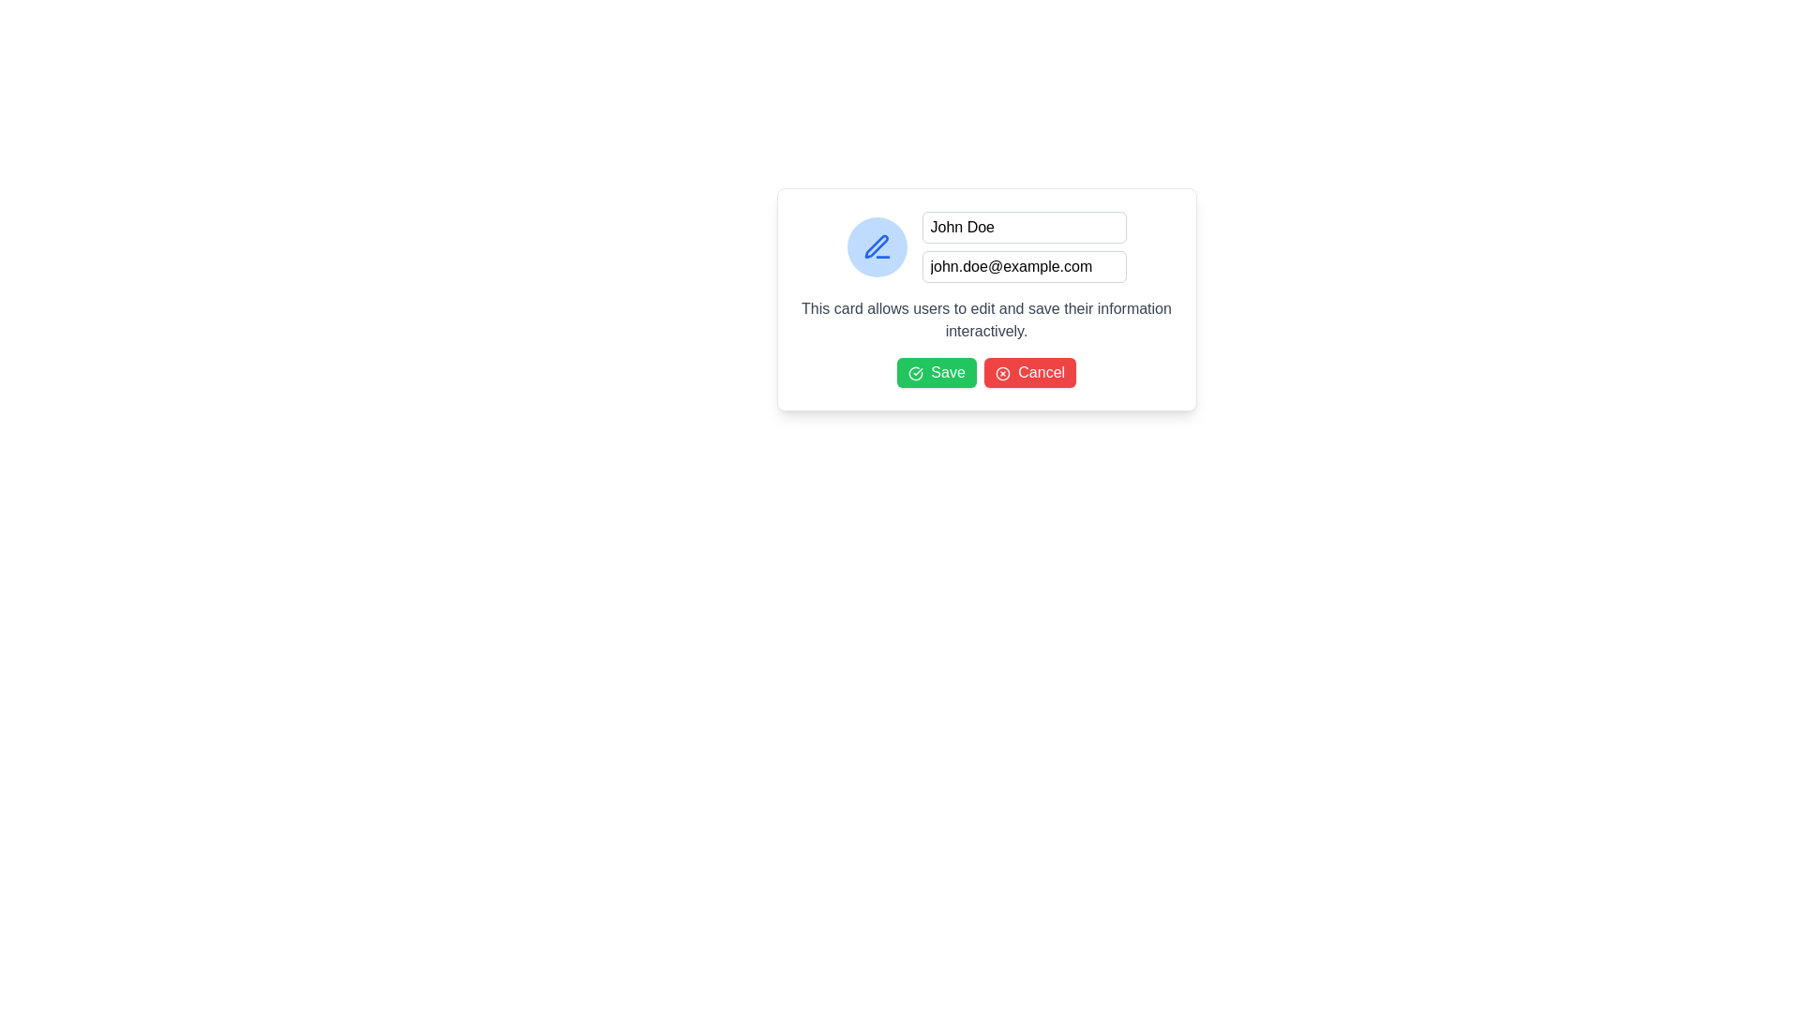  What do you see at coordinates (937, 372) in the screenshot?
I see `the save button located to the left of the 'Cancel' button` at bounding box center [937, 372].